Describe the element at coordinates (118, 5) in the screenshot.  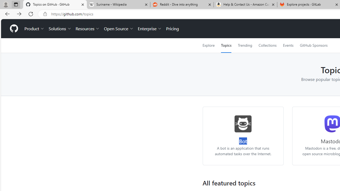
I see `'Suriname - Wikipedia'` at that location.